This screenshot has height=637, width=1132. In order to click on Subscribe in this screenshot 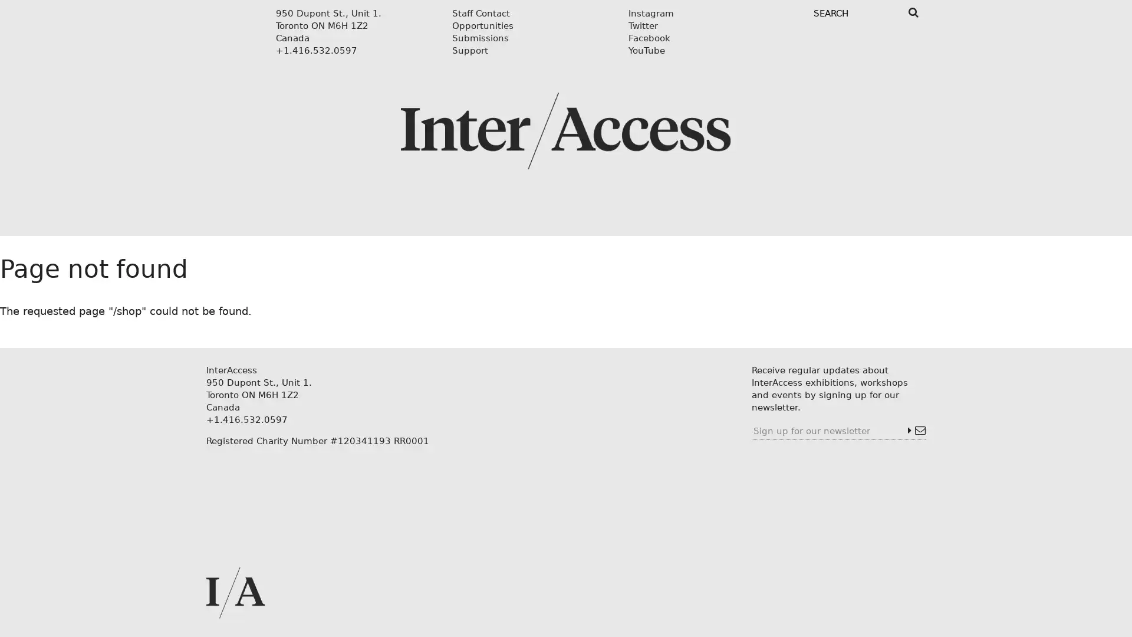, I will do `click(916, 431)`.